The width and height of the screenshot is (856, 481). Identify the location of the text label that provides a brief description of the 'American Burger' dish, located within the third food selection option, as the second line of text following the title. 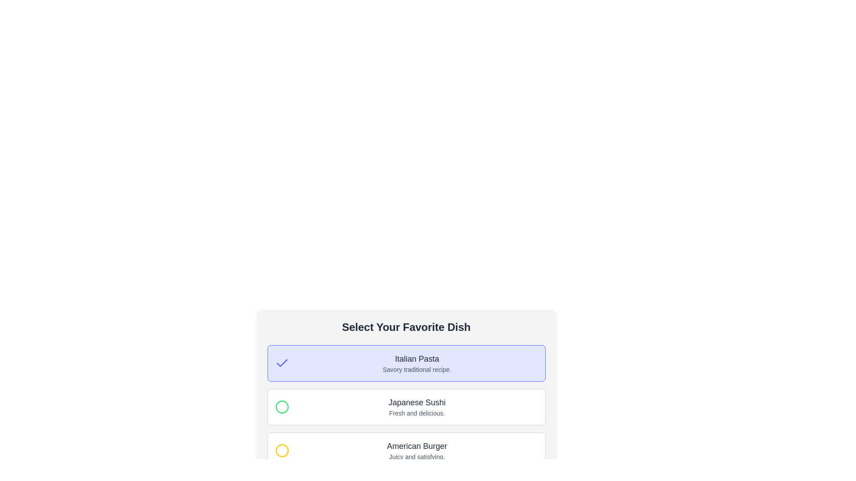
(416, 457).